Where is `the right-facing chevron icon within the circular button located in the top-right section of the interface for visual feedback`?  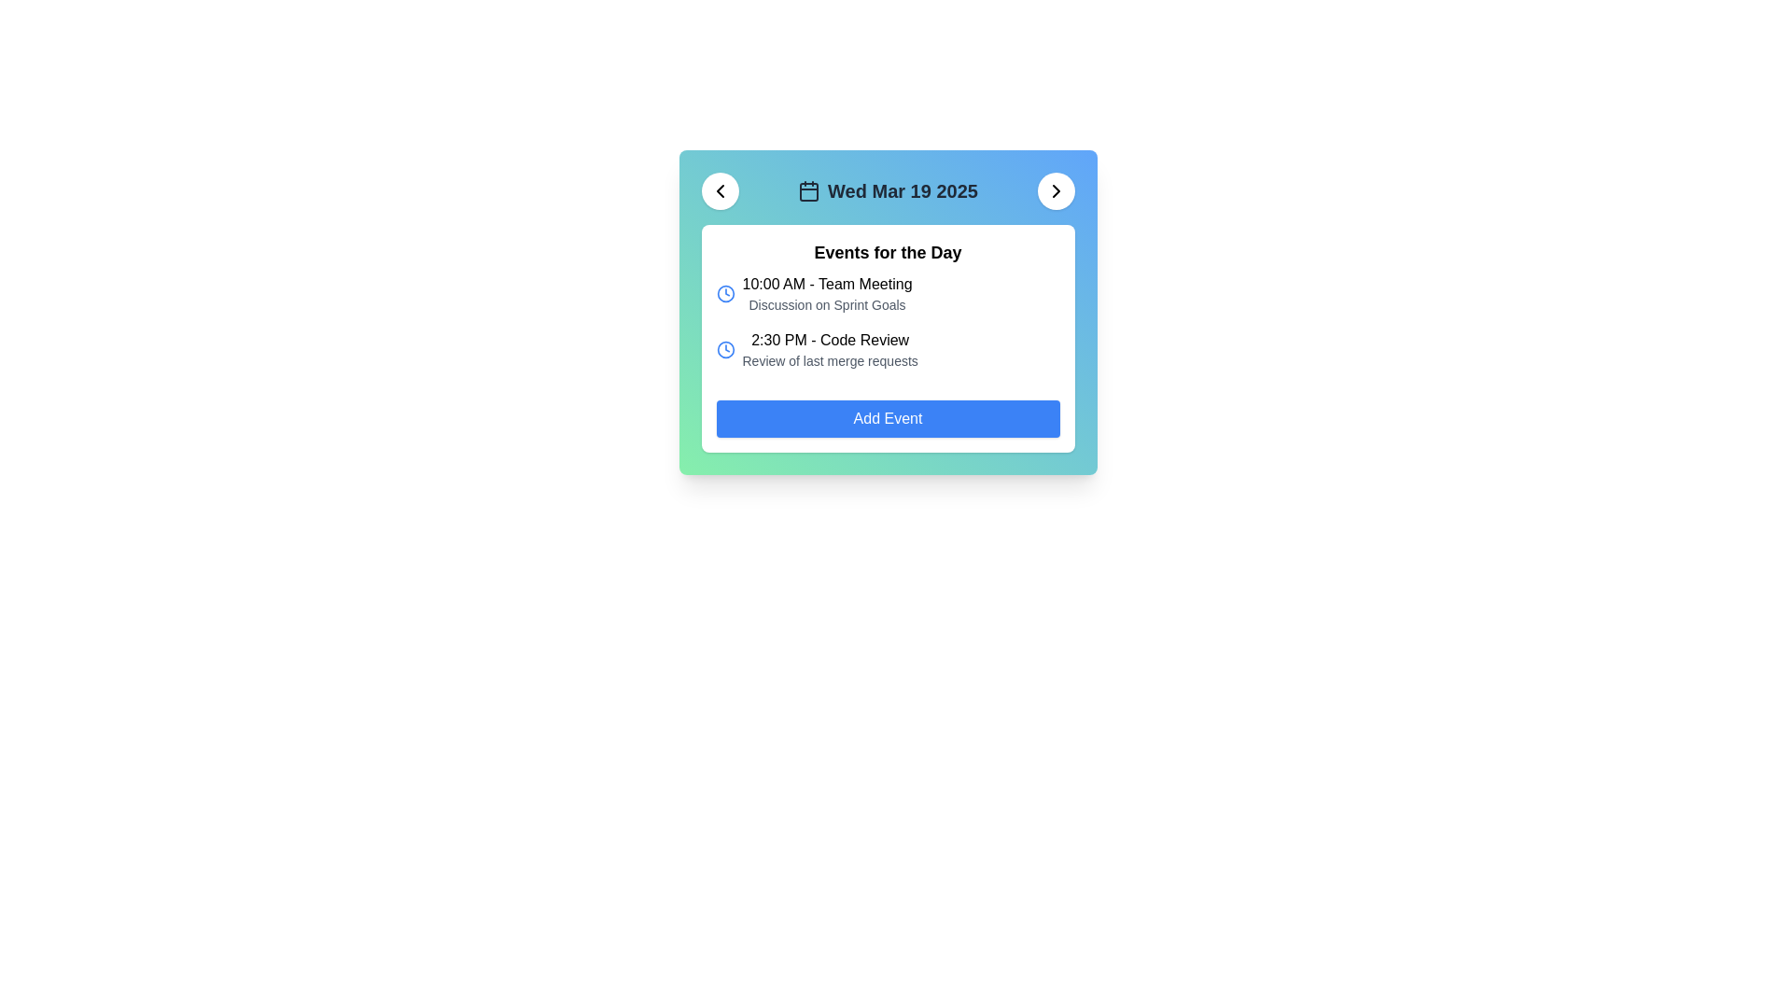 the right-facing chevron icon within the circular button located in the top-right section of the interface for visual feedback is located at coordinates (1056, 190).